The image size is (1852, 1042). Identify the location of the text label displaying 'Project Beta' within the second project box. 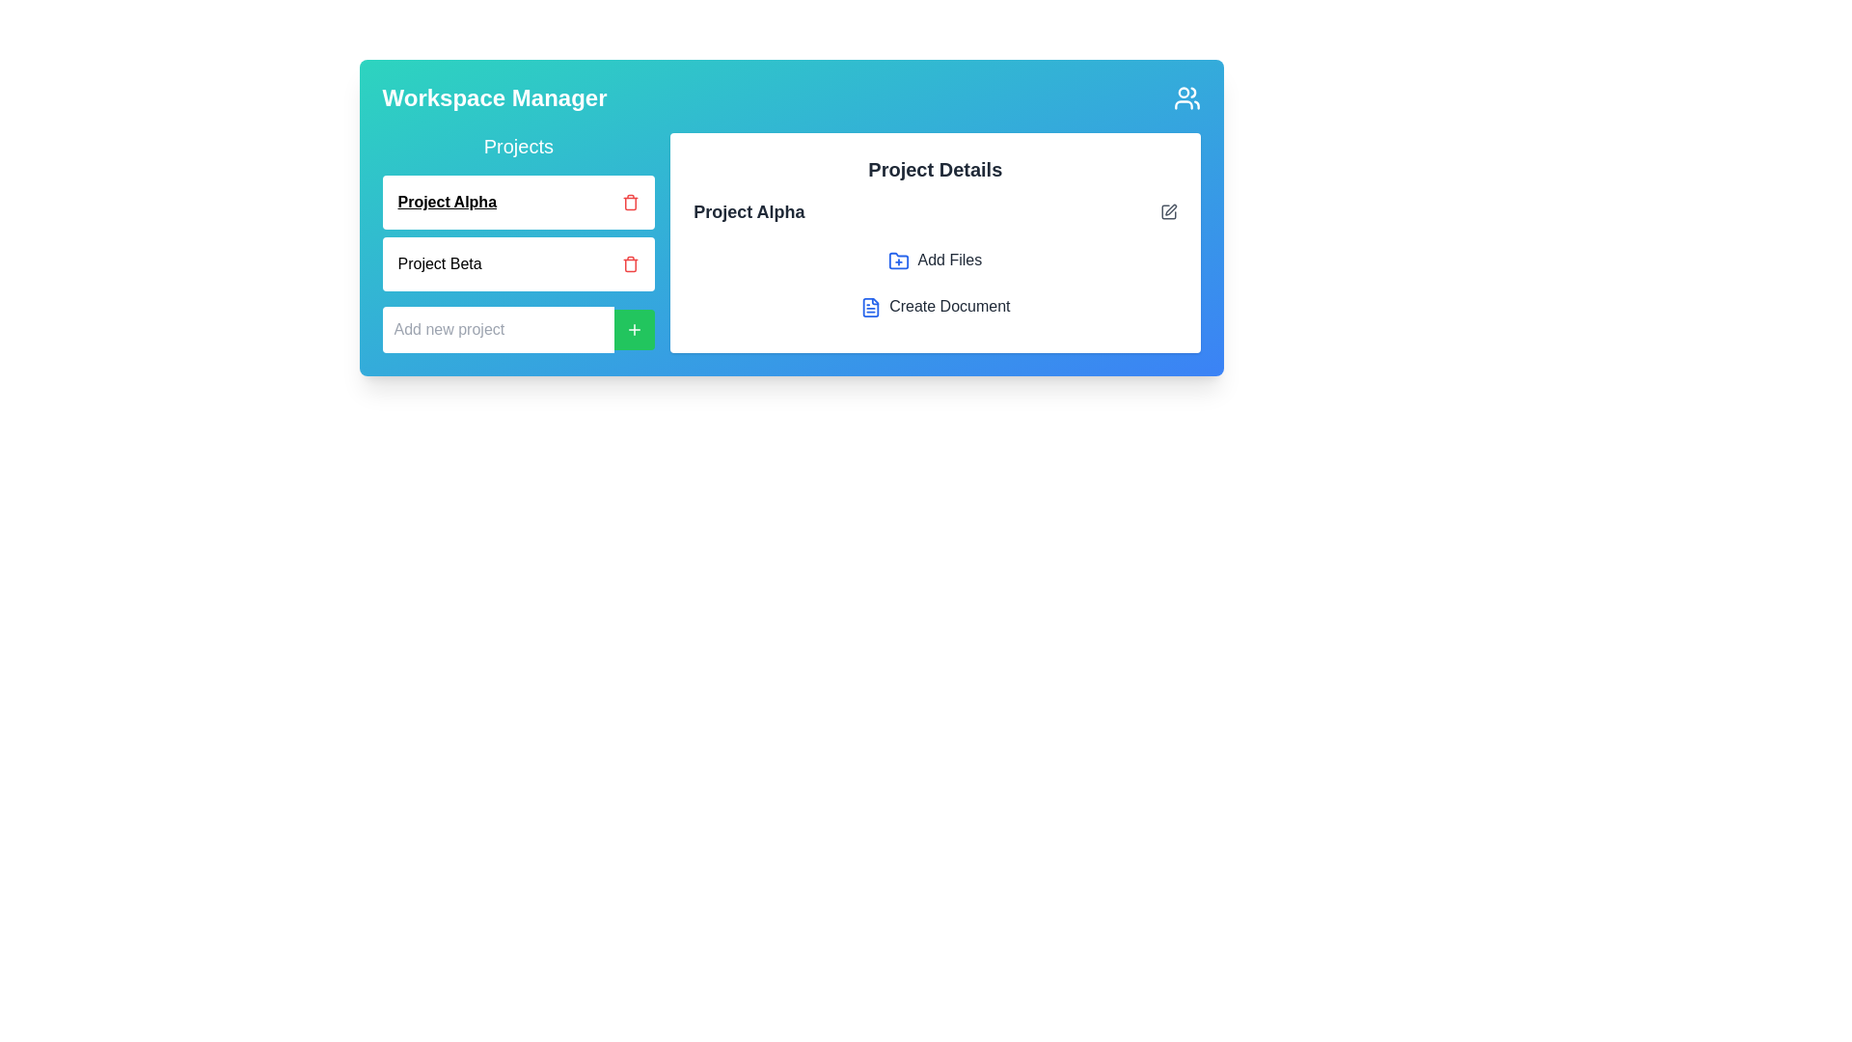
(439, 263).